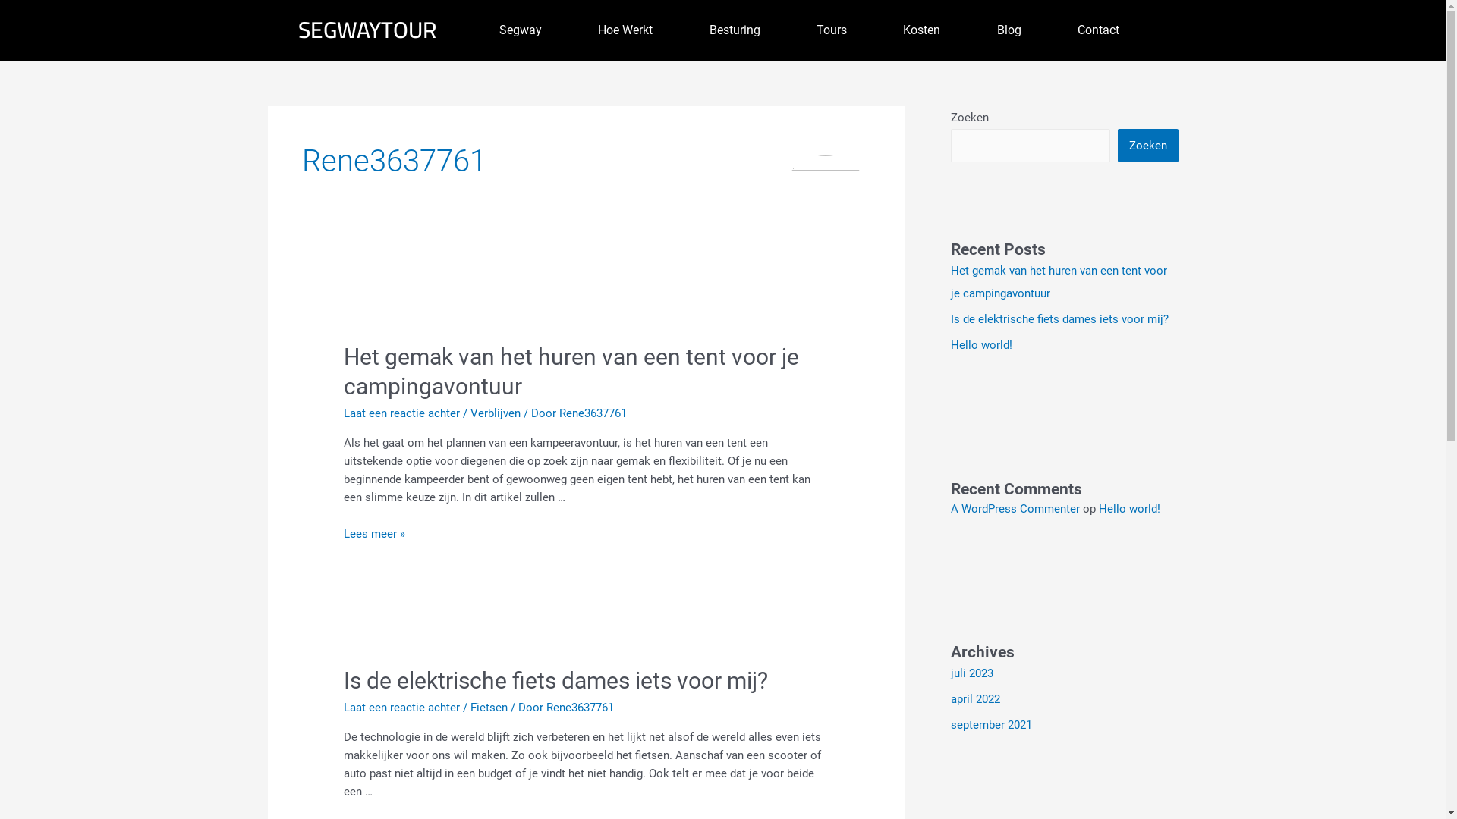  I want to click on 'A WordPress Commenter', so click(1015, 509).